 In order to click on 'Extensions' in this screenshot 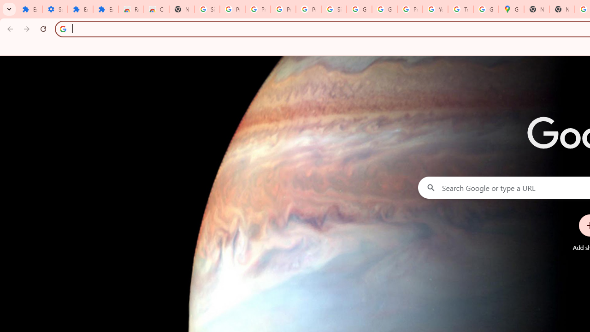, I will do `click(80, 9)`.